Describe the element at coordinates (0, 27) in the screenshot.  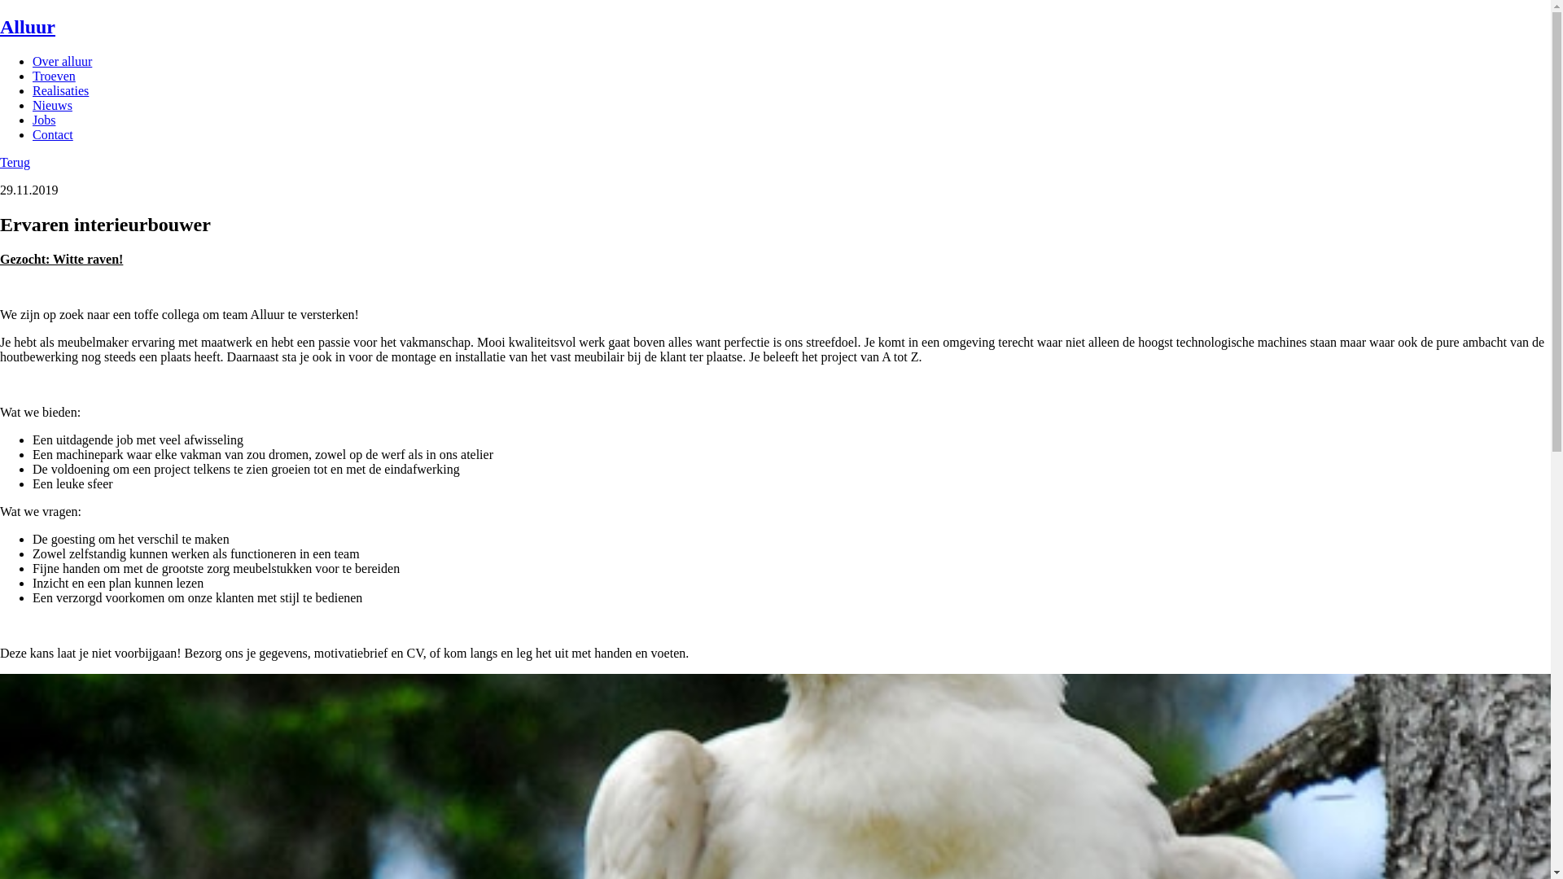
I see `'Alluur'` at that location.